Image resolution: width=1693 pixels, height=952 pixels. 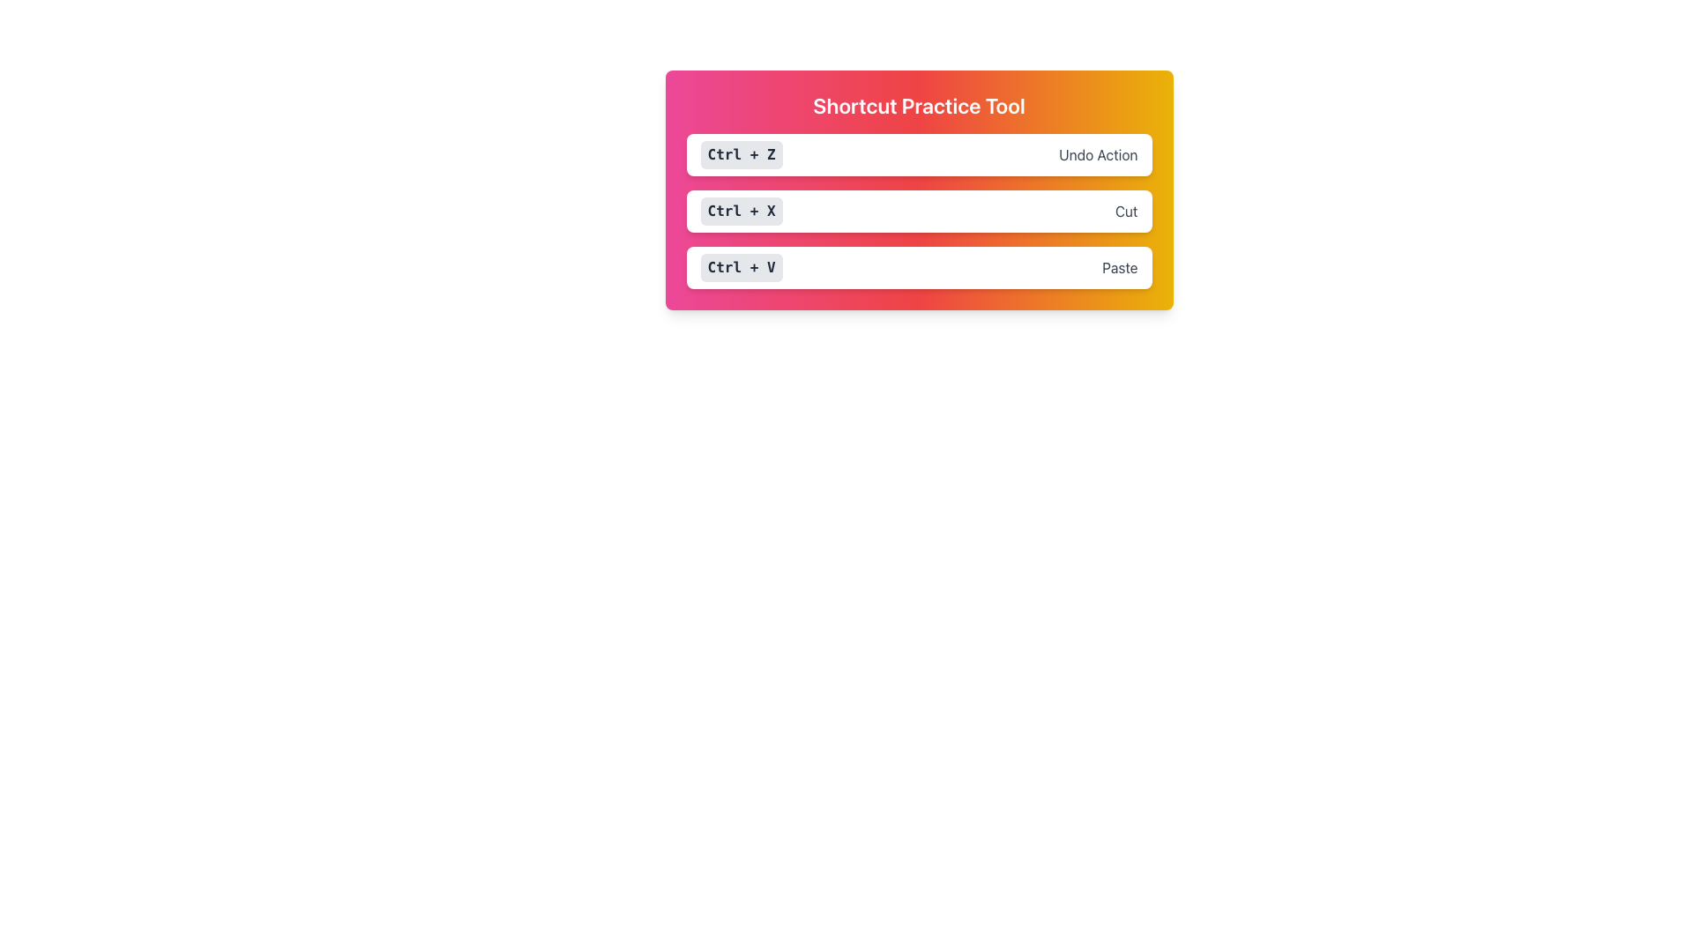 I want to click on text from the title text label located at the top of the gradient-colored card indicating the theme of shortcut practice, so click(x=918, y=105).